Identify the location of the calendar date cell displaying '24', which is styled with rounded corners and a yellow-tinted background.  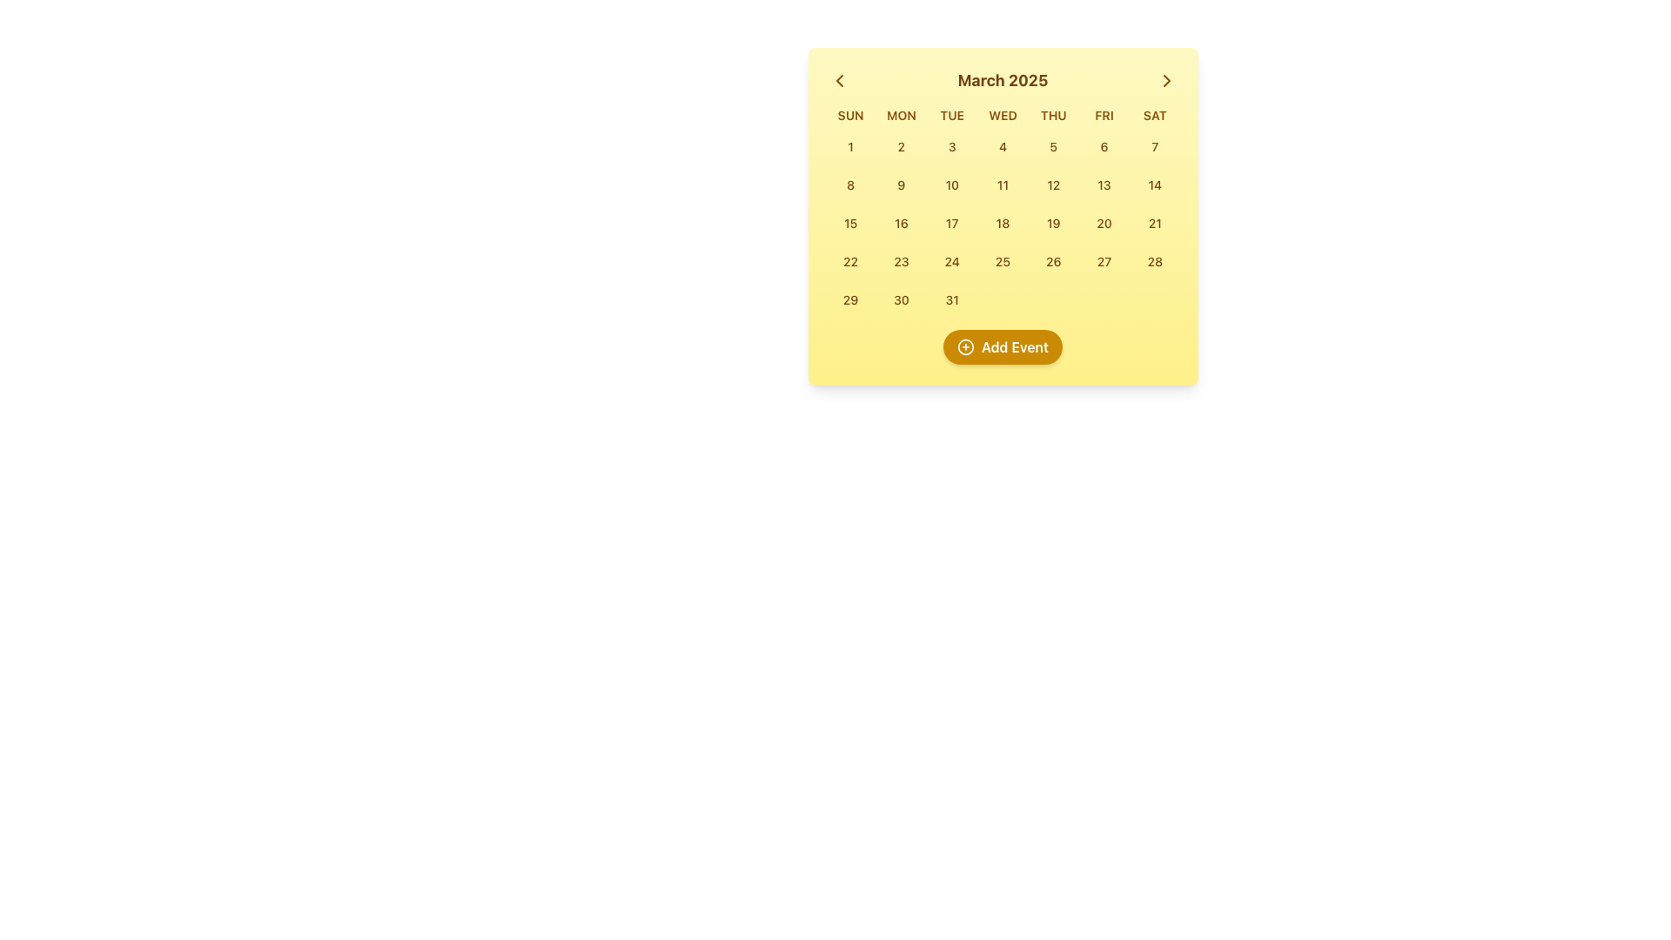
(951, 261).